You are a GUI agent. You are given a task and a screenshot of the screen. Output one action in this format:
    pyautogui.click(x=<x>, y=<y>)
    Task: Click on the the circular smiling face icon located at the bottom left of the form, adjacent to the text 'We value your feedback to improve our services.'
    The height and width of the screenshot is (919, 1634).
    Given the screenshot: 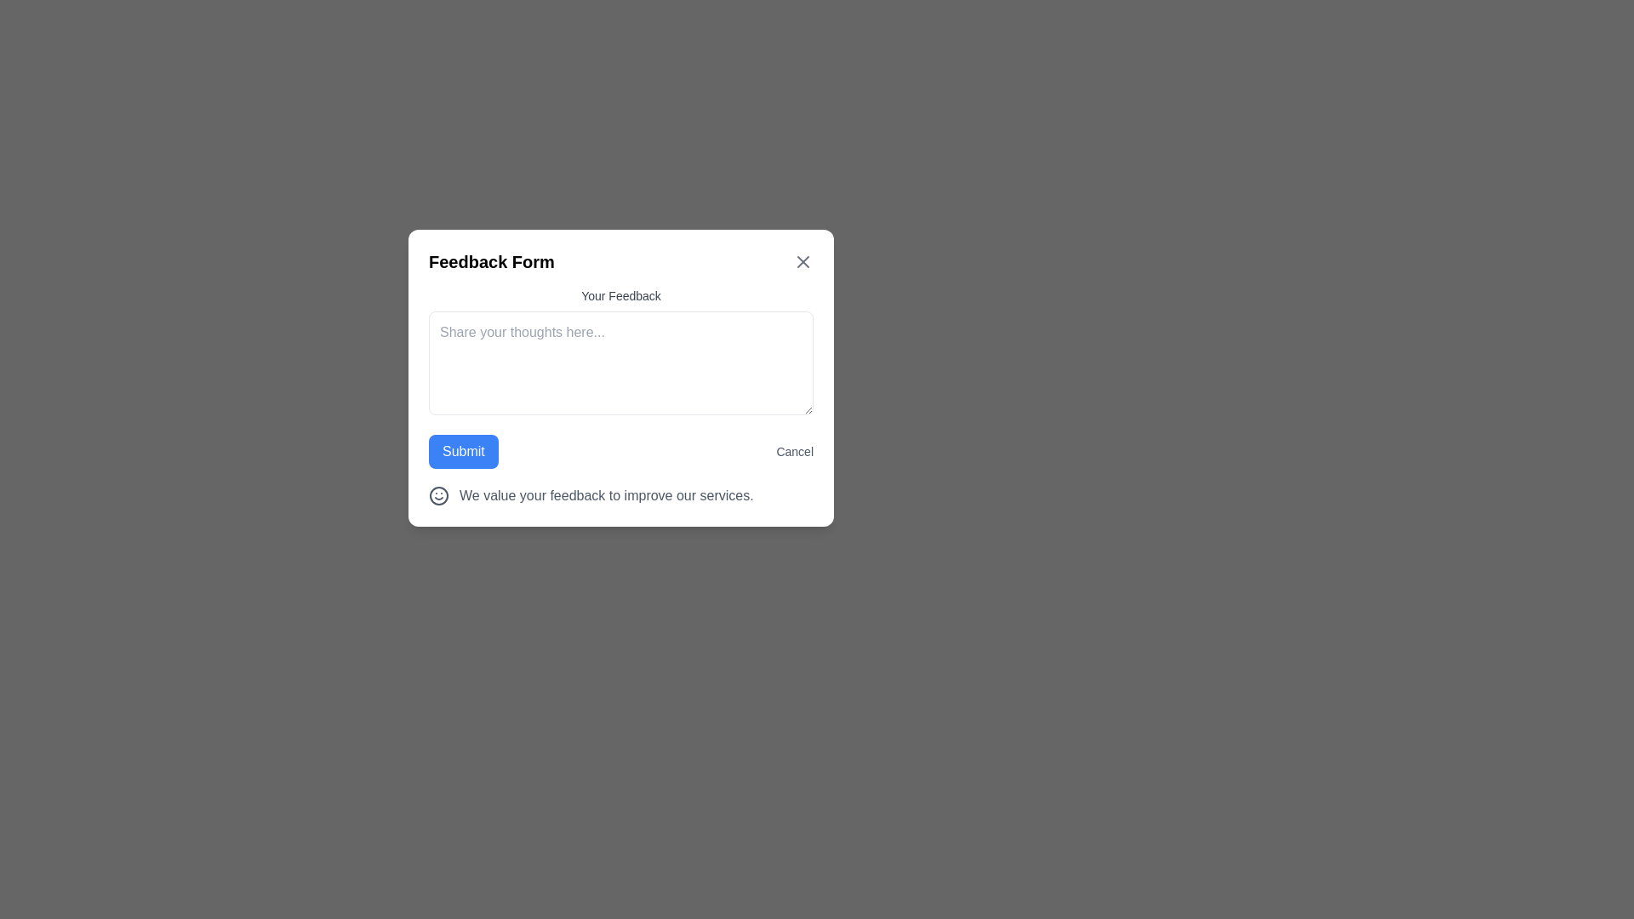 What is the action you would take?
    pyautogui.click(x=438, y=495)
    